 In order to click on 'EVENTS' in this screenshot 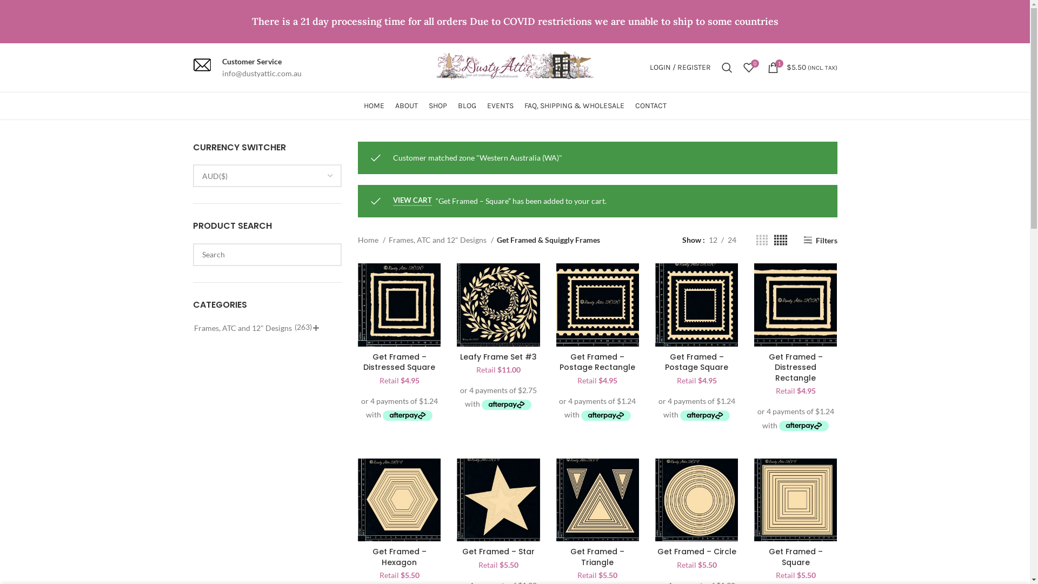, I will do `click(499, 106)`.